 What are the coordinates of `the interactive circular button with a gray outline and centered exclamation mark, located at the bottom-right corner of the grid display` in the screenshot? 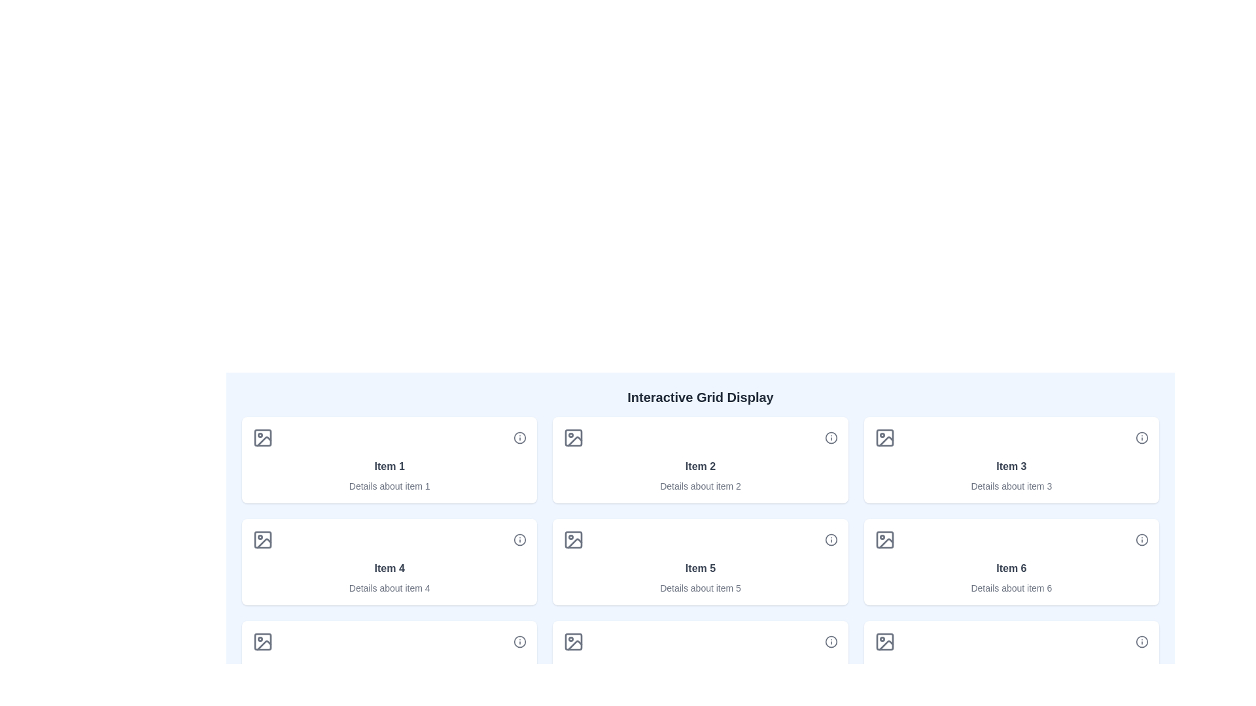 It's located at (1142, 641).